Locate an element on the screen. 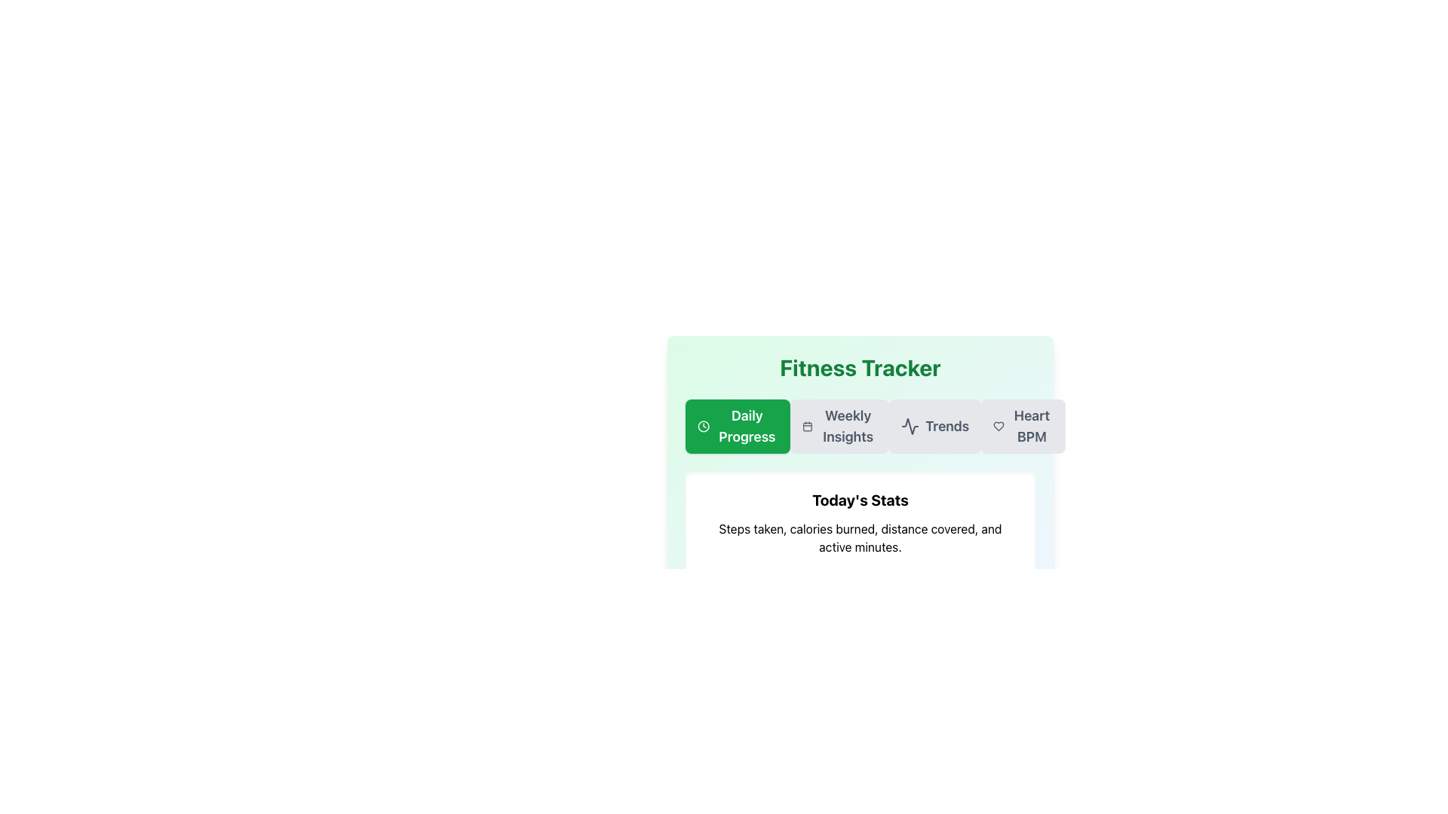 The width and height of the screenshot is (1448, 814). main rectangular shape within the SVG calendar icon located on the navigation bar is located at coordinates (807, 427).